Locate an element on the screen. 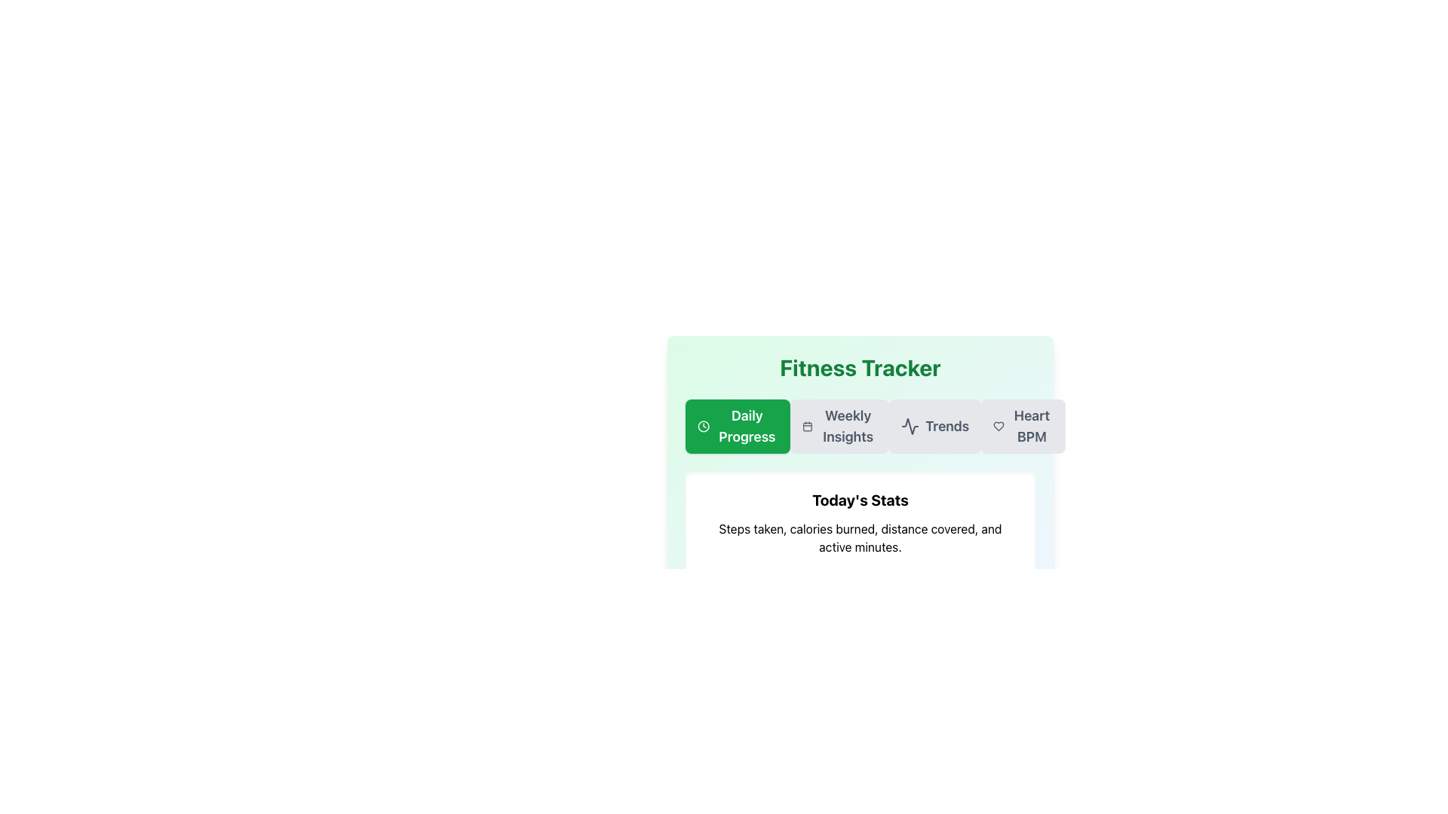 The width and height of the screenshot is (1448, 814). main rectangular shape within the SVG calendar icon located on the navigation bar is located at coordinates (807, 427).